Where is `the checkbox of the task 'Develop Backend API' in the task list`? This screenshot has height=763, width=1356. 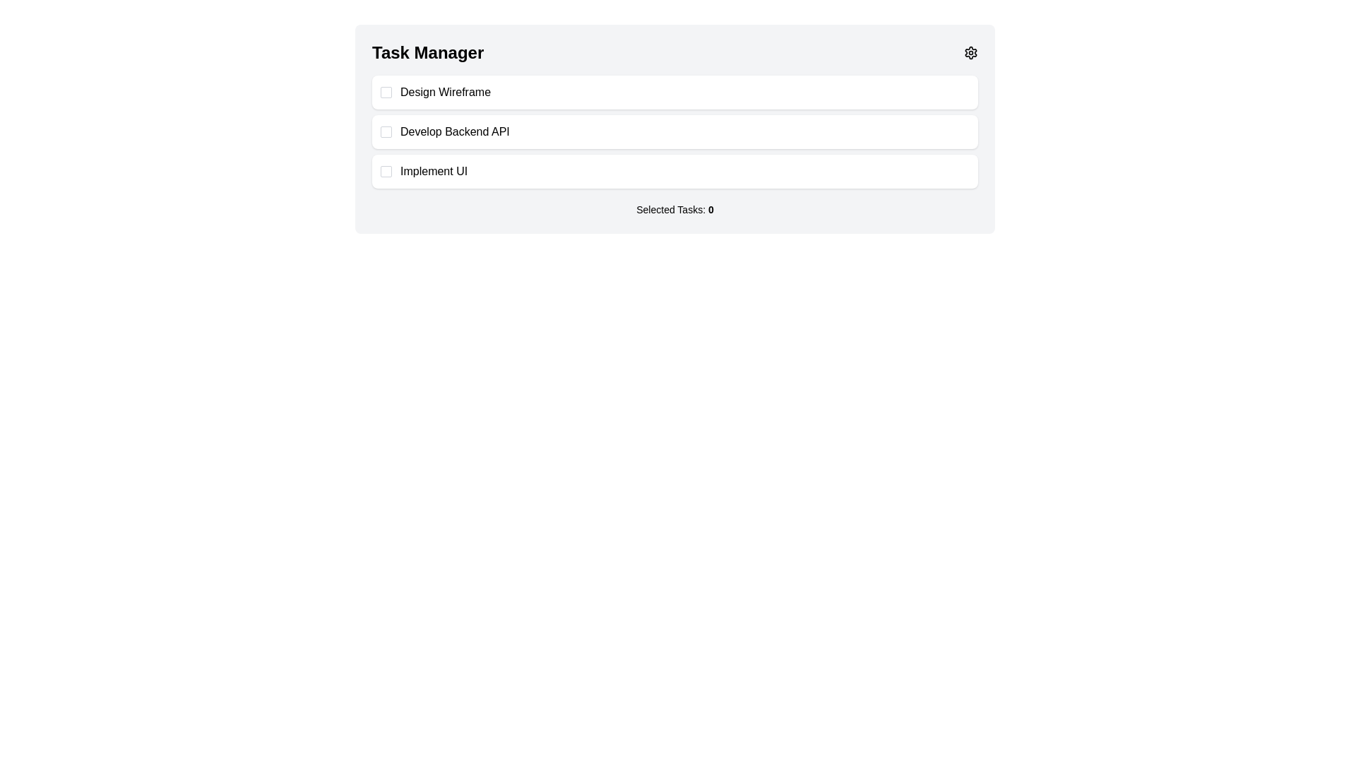
the checkbox of the task 'Develop Backend API' in the task list is located at coordinates (674, 131).